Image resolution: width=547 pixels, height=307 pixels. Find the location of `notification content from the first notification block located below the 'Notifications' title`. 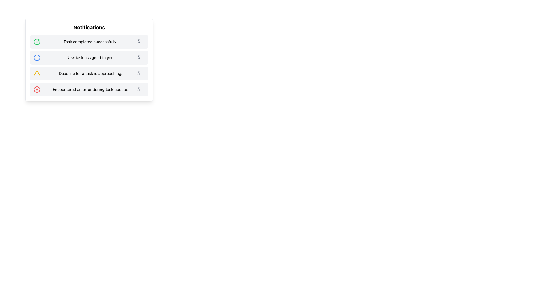

notification content from the first notification block located below the 'Notifications' title is located at coordinates (89, 41).